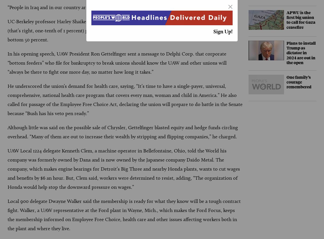  What do you see at coordinates (122, 30) in the screenshot?
I see `'UC-Berkeley professor Harley Shaiken reinforced that view when he told the convention the top 0.1 percent (that’s right, one-tenth of 1 percent) posted income increases in recent years equivalent to those of the bottom 50 percent.'` at bounding box center [122, 30].